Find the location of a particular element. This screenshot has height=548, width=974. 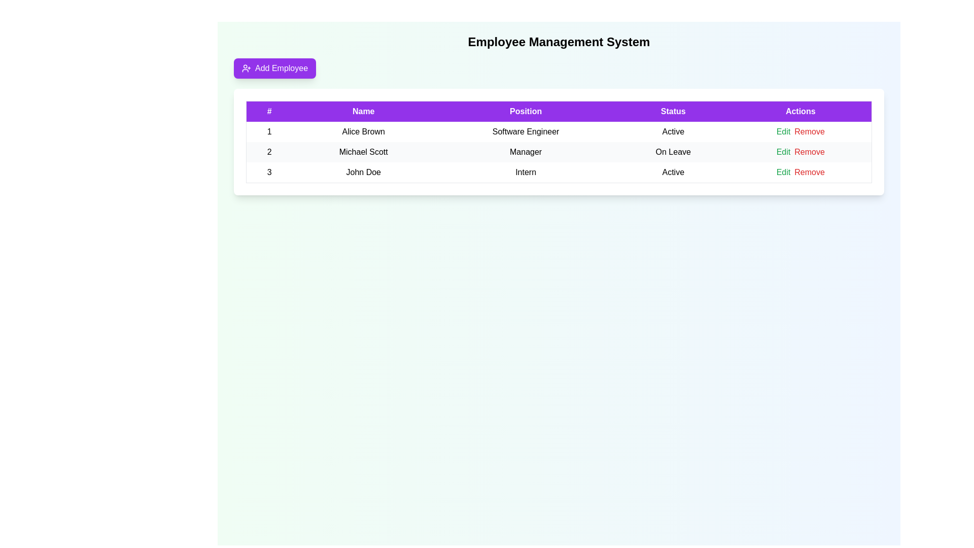

the 'Status' header label which is the fourth element in the table header layout, located between 'Position' and 'Actions' is located at coordinates (673, 111).